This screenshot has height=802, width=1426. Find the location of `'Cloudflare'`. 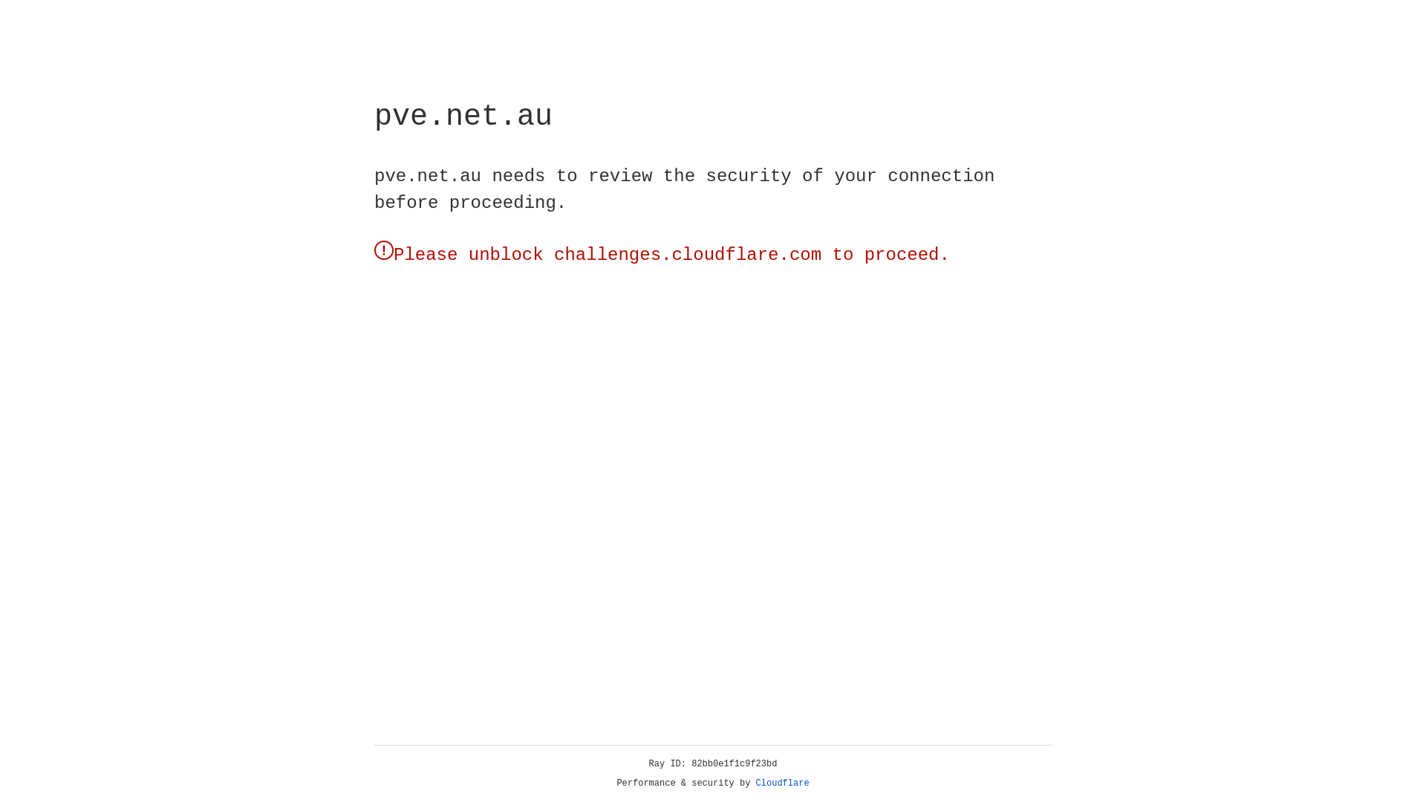

'Cloudflare' is located at coordinates (782, 783).